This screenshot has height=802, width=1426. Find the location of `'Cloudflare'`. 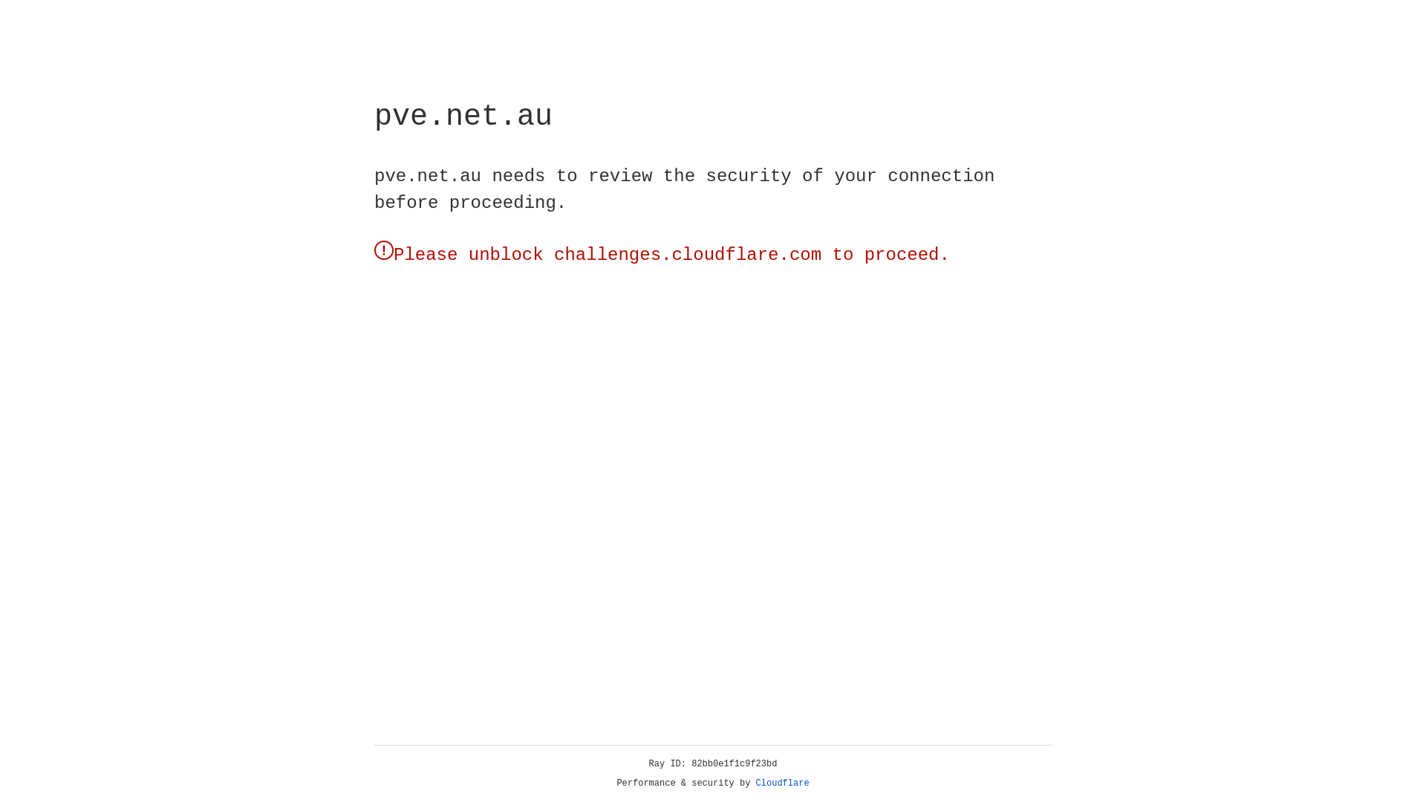

'Cloudflare' is located at coordinates (782, 783).